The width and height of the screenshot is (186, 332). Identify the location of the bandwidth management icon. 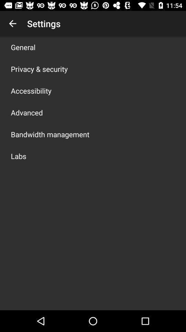
(50, 134).